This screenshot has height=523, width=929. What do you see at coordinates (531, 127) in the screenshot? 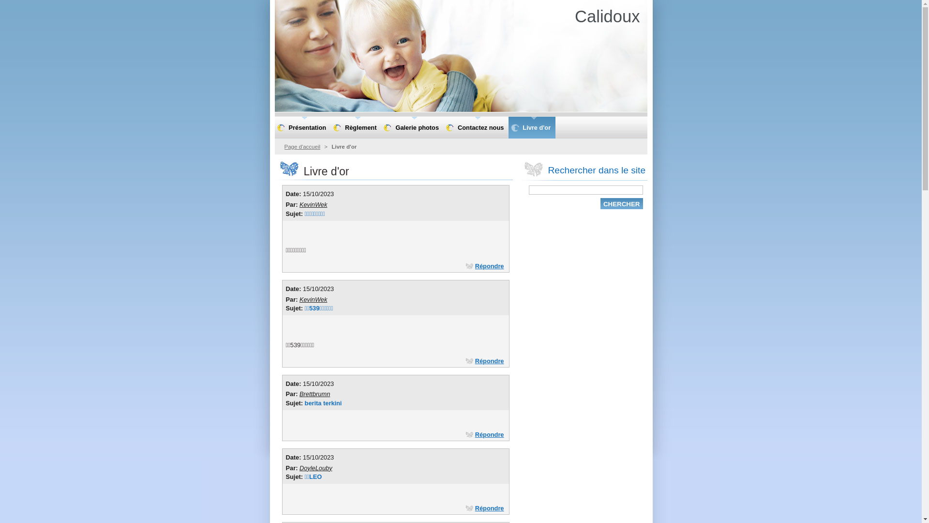
I see `'Livre d'or'` at bounding box center [531, 127].